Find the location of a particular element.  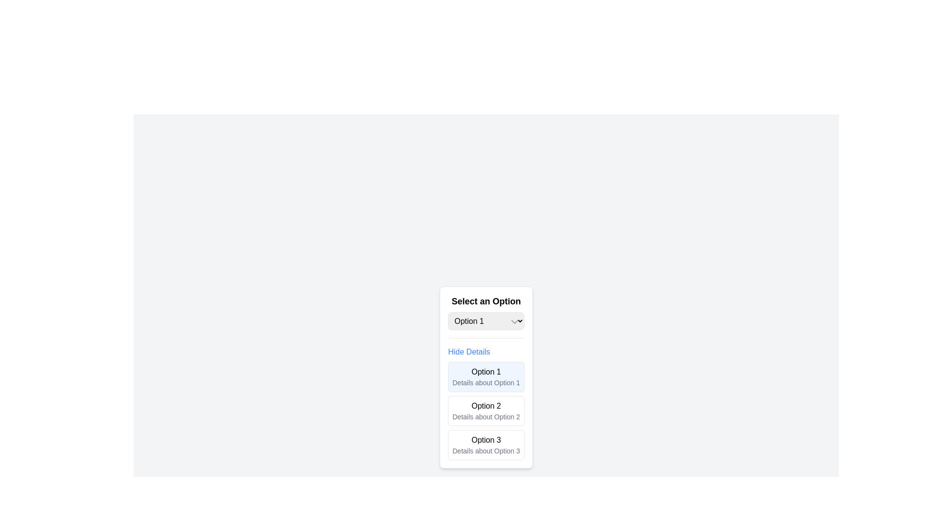

the Dropdown indicator (SVG icon) is located at coordinates (514, 321).